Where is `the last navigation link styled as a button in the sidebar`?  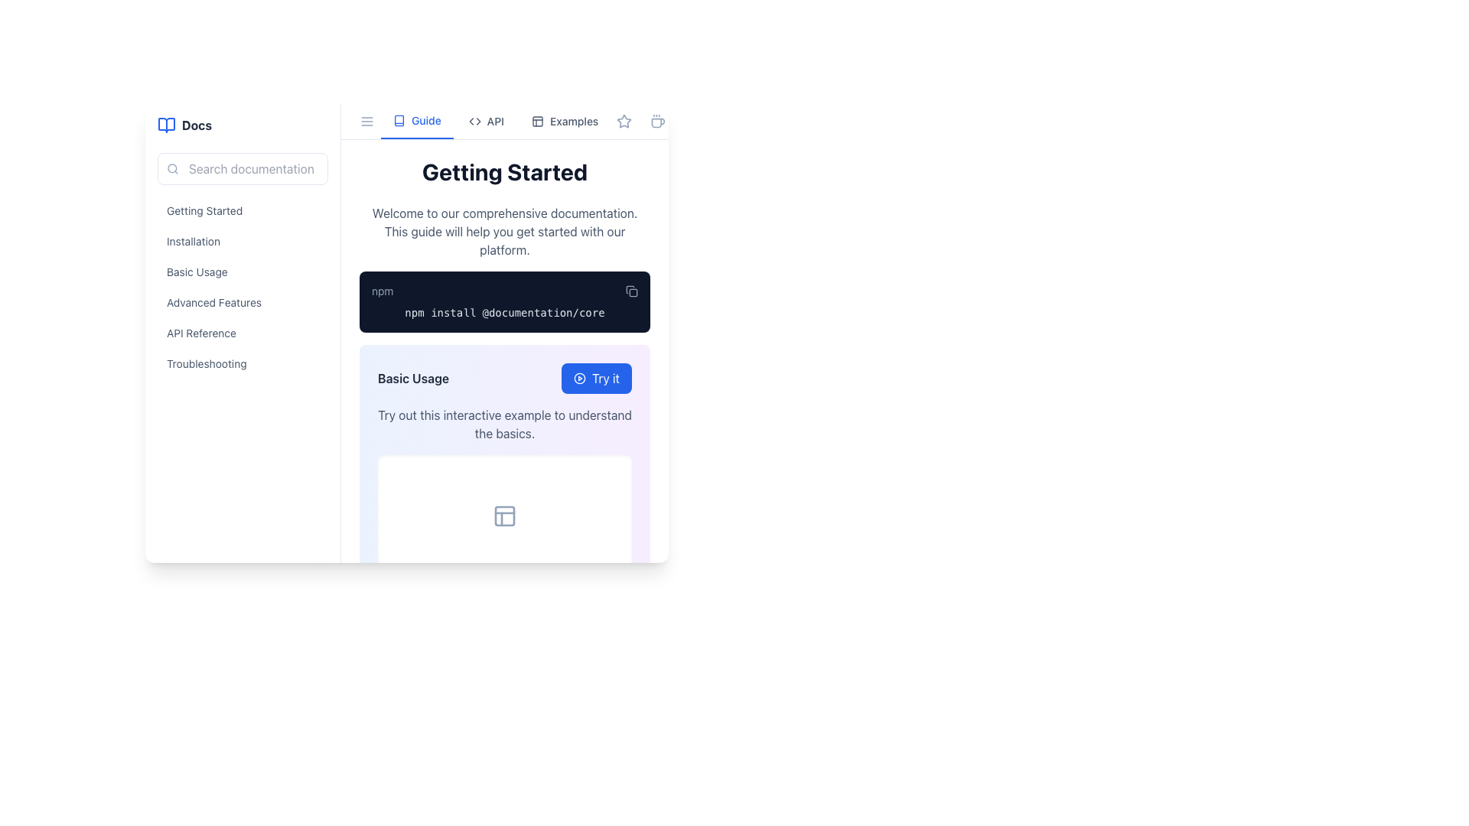
the last navigation link styled as a button in the sidebar is located at coordinates (242, 363).